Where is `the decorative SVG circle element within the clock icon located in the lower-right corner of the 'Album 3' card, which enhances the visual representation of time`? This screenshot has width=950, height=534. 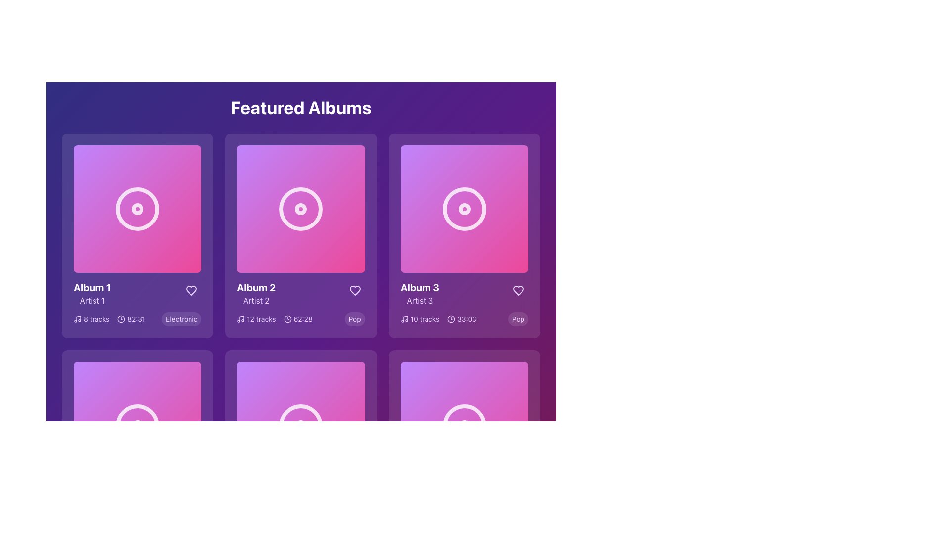
the decorative SVG circle element within the clock icon located in the lower-right corner of the 'Album 3' card, which enhances the visual representation of time is located at coordinates (451, 319).